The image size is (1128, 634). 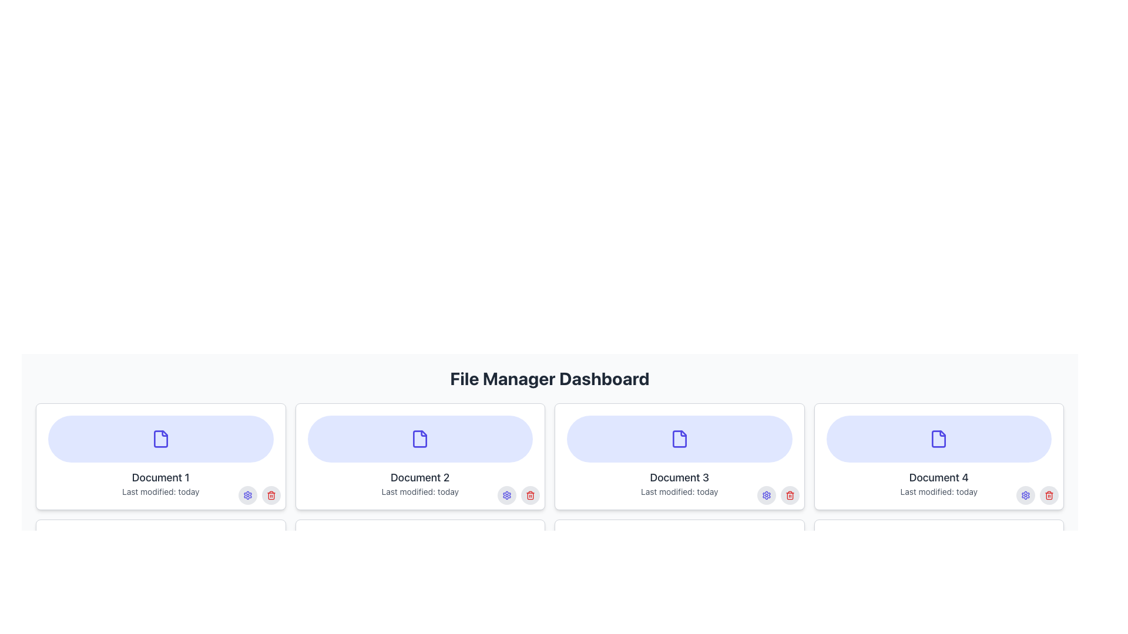 What do you see at coordinates (778, 495) in the screenshot?
I see `the left circular button with a gear icon to modify settings in the 'Document 3' card` at bounding box center [778, 495].